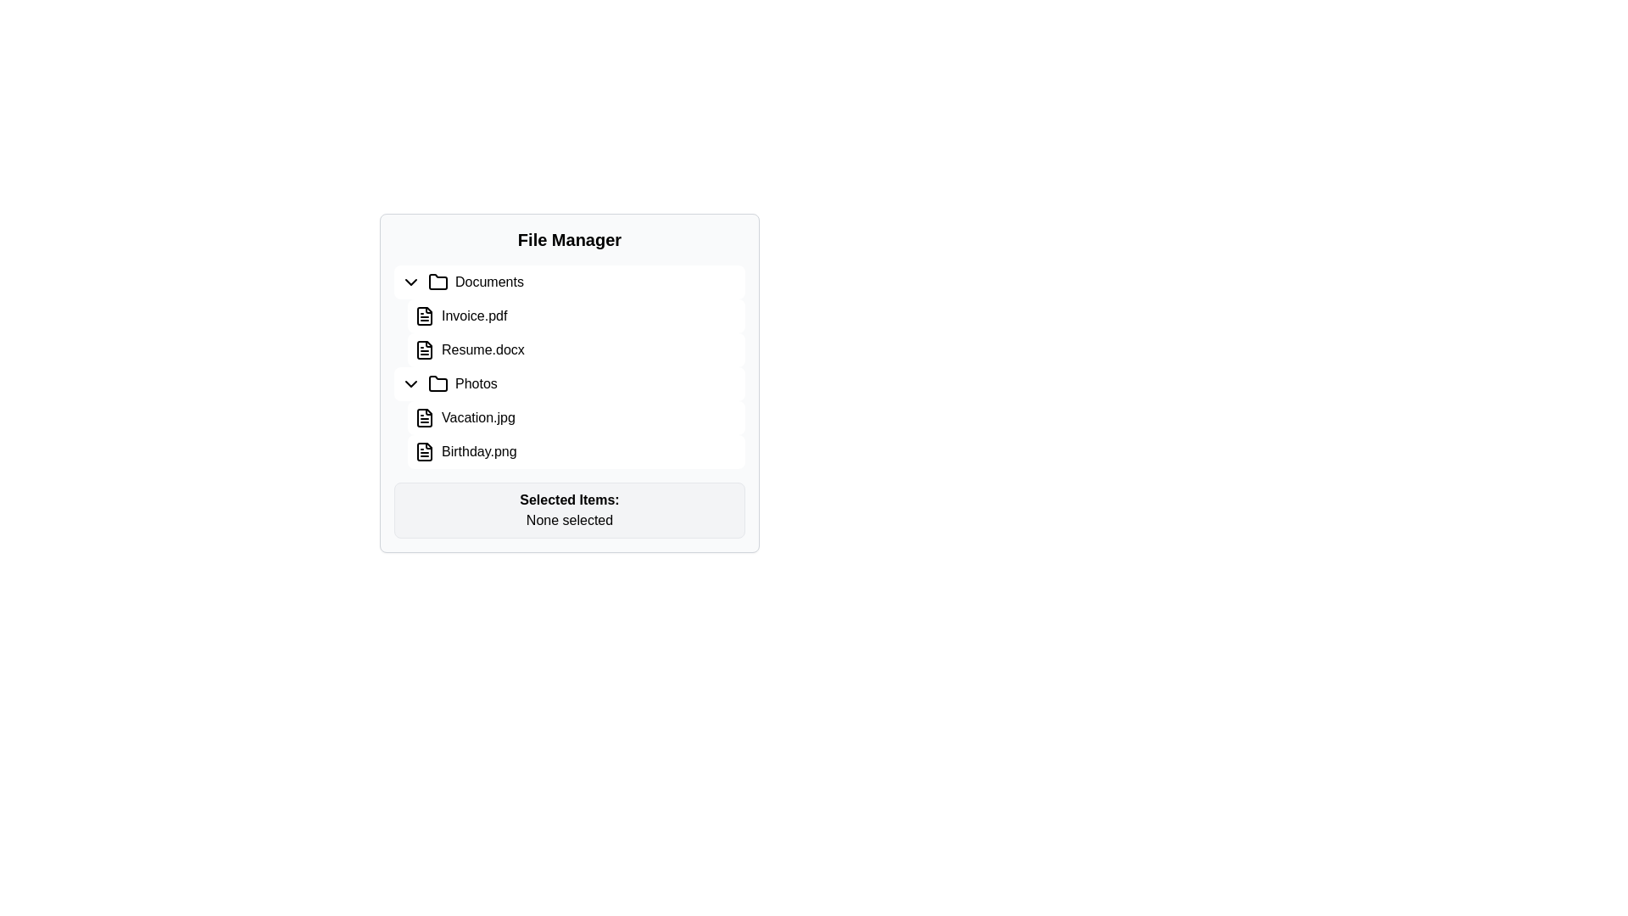 The image size is (1628, 916). I want to click on the list item representing files within the 'Photos' subfolder under the 'Documents' section, so click(570, 418).